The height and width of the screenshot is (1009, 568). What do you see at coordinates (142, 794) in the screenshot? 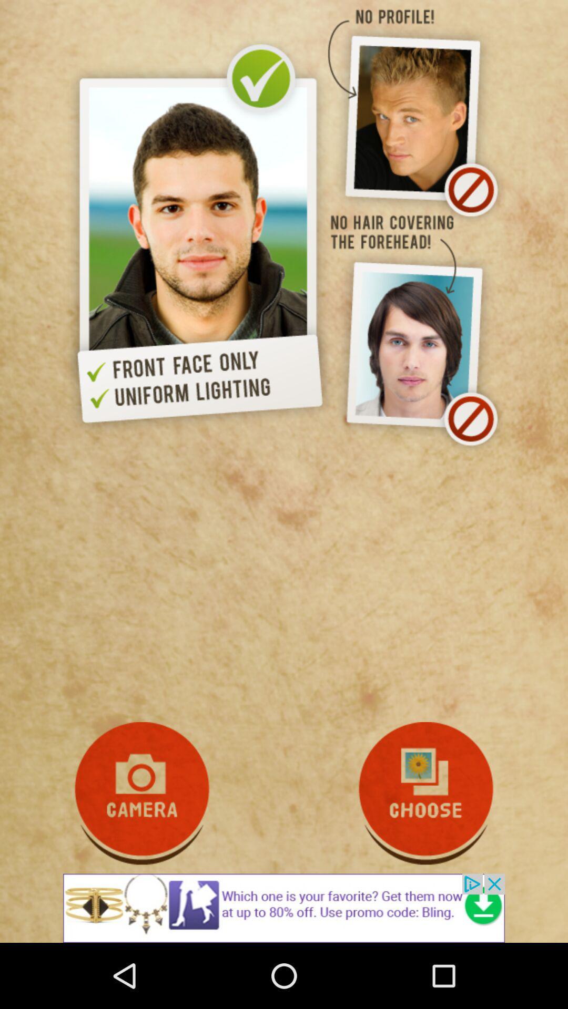
I see `camera` at bounding box center [142, 794].